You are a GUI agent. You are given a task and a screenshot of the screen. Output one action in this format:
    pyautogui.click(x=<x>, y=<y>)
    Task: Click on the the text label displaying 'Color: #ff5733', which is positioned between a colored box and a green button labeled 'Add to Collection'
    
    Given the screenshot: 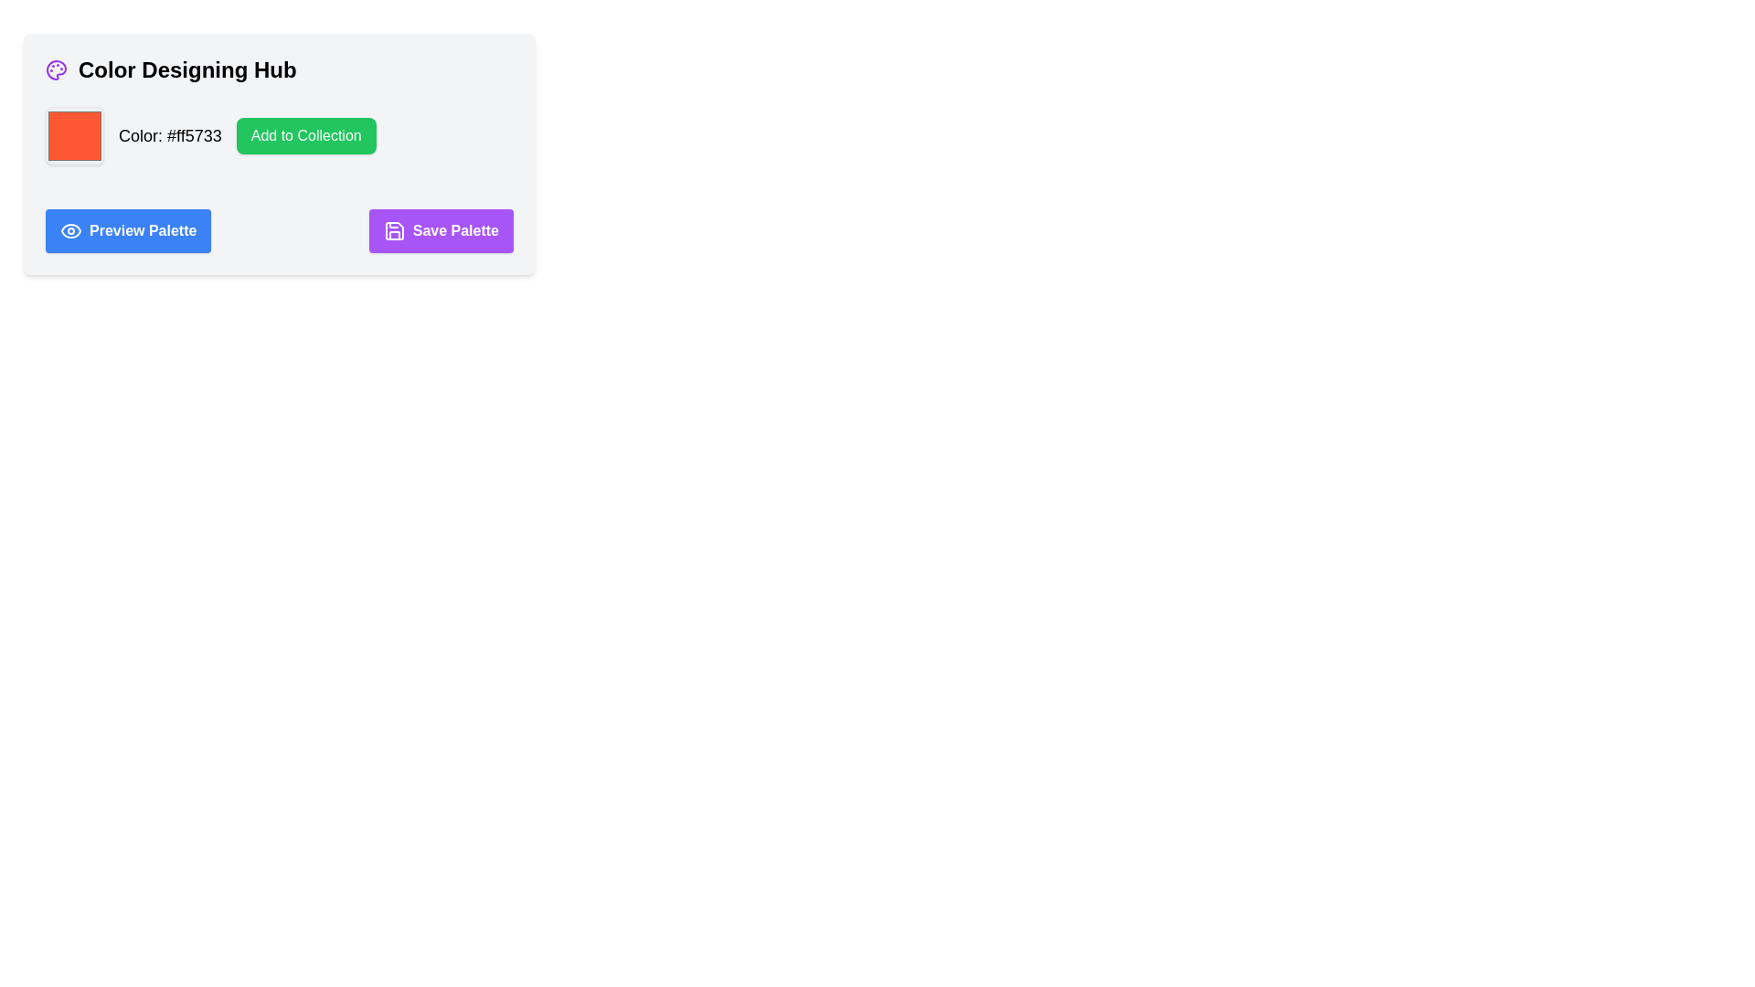 What is the action you would take?
    pyautogui.click(x=170, y=135)
    